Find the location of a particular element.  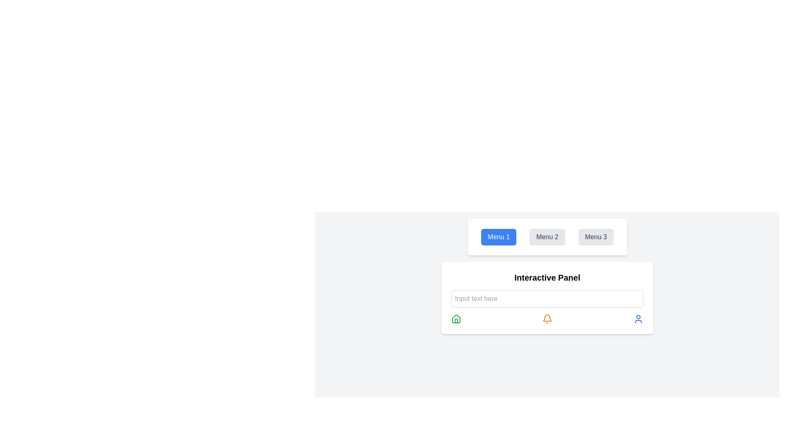

the second button in a set of three buttons, located between the blue 'Menu 1' button and the gray 'Menu 3' button is located at coordinates (547, 237).